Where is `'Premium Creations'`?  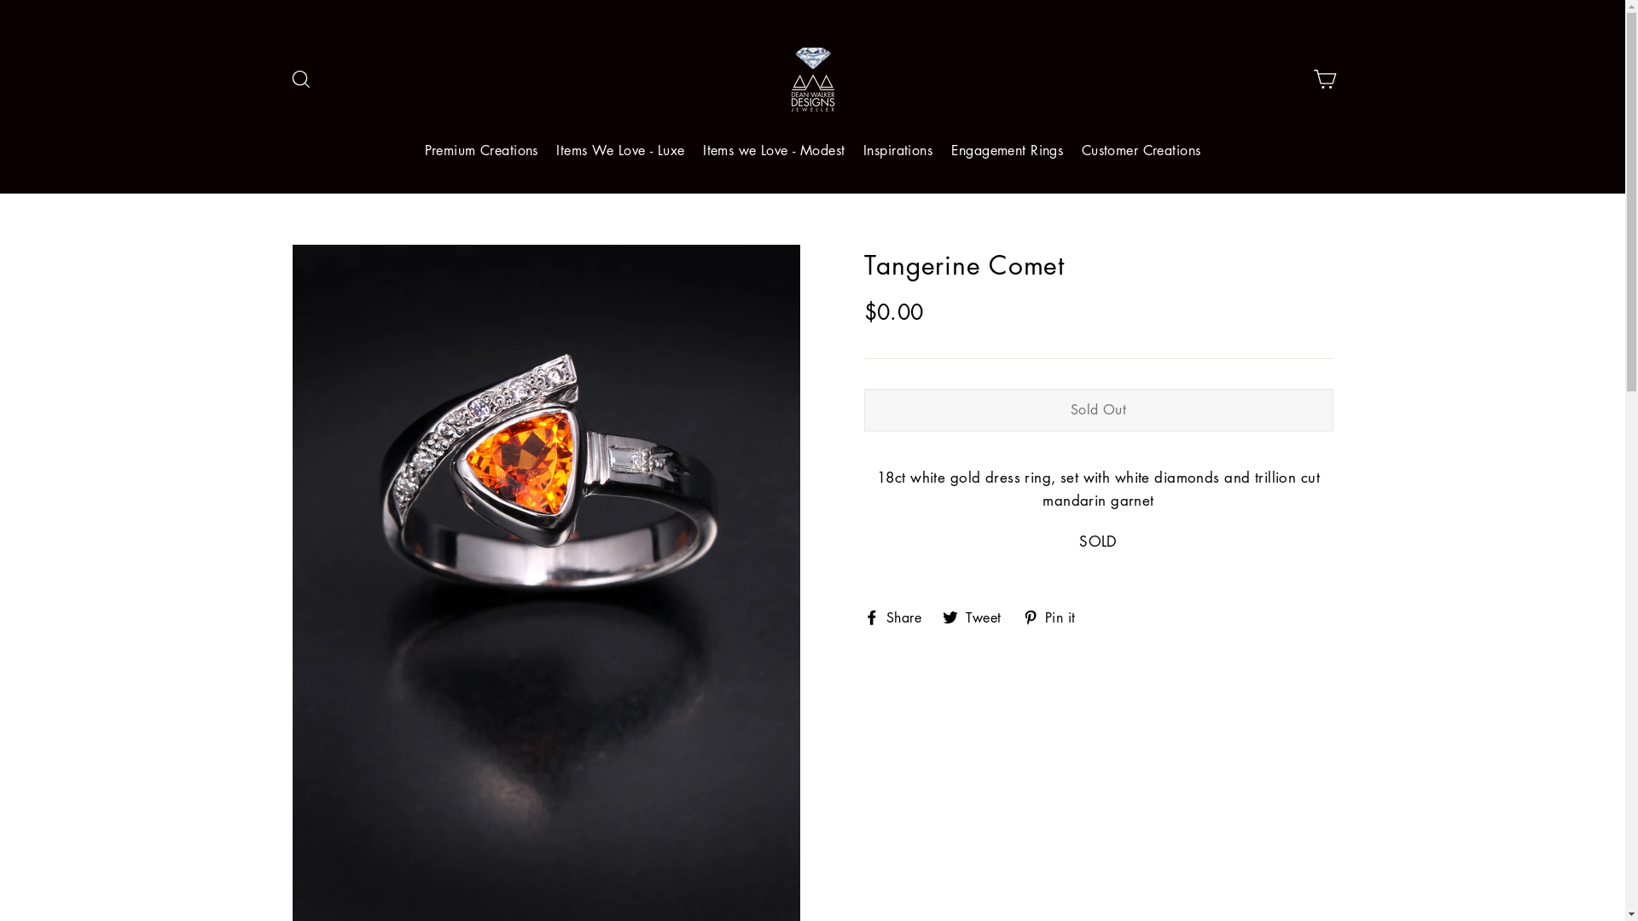 'Premium Creations' is located at coordinates (480, 150).